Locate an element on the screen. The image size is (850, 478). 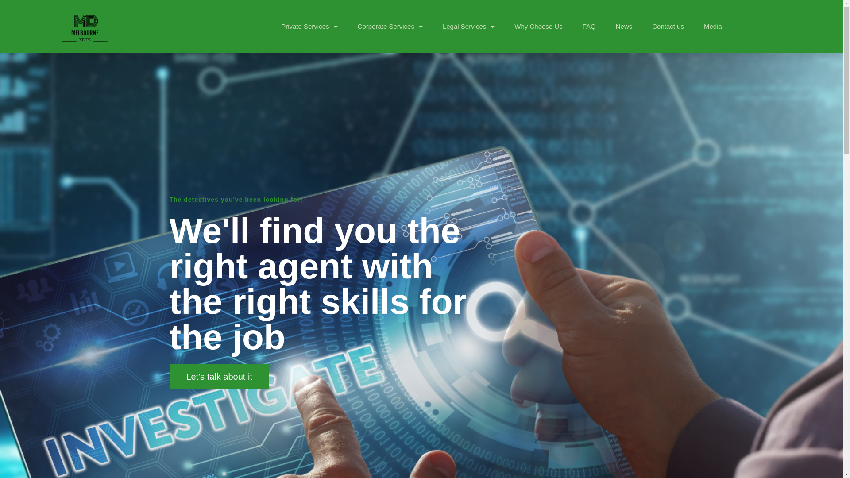
'Let's talk about it' is located at coordinates (219, 377).